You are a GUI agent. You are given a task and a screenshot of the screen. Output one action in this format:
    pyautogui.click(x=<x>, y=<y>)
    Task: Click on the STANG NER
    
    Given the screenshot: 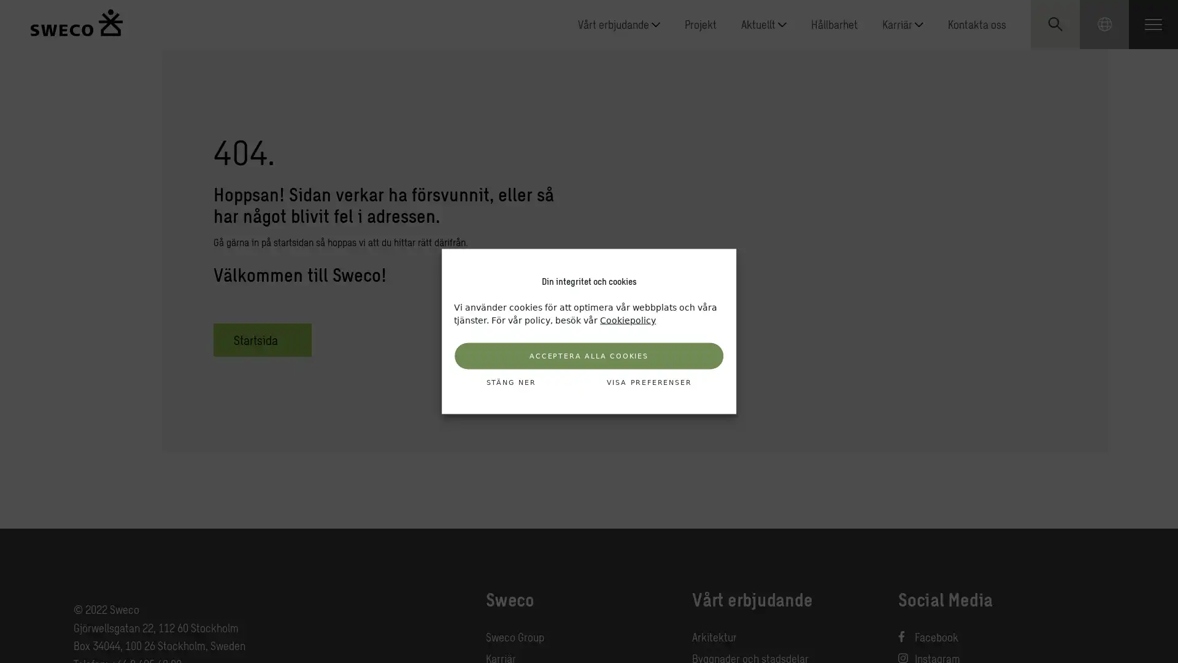 What is the action you would take?
    pyautogui.click(x=510, y=382)
    